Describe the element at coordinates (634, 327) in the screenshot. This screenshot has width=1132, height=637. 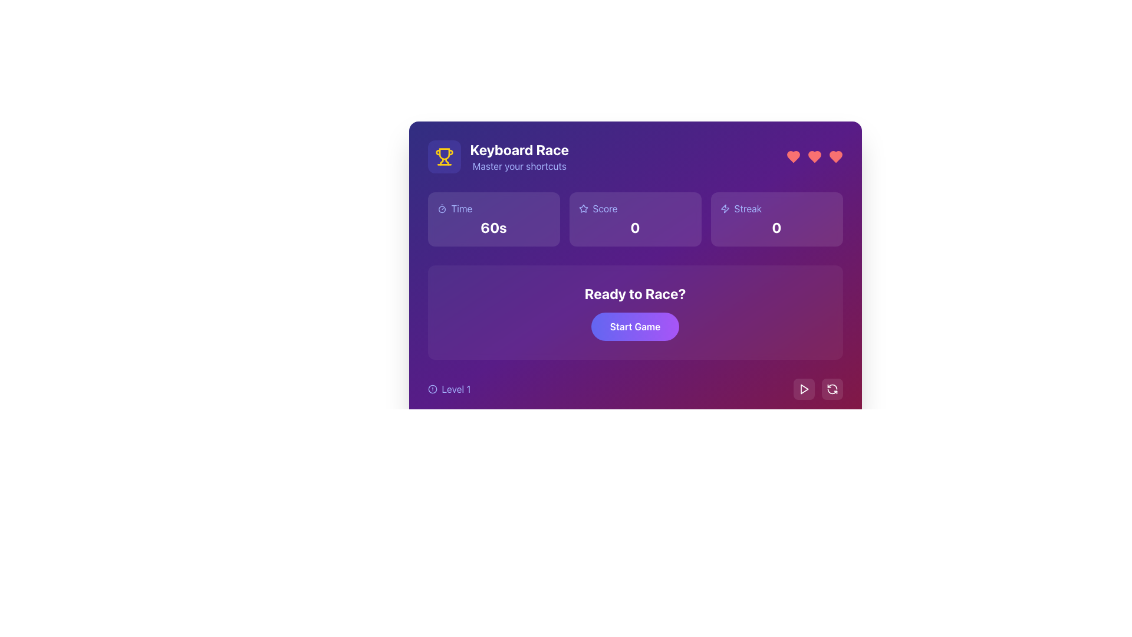
I see `the 'Start Game' button, which is styled with a gradient background from indigo to purple and has white text` at that location.